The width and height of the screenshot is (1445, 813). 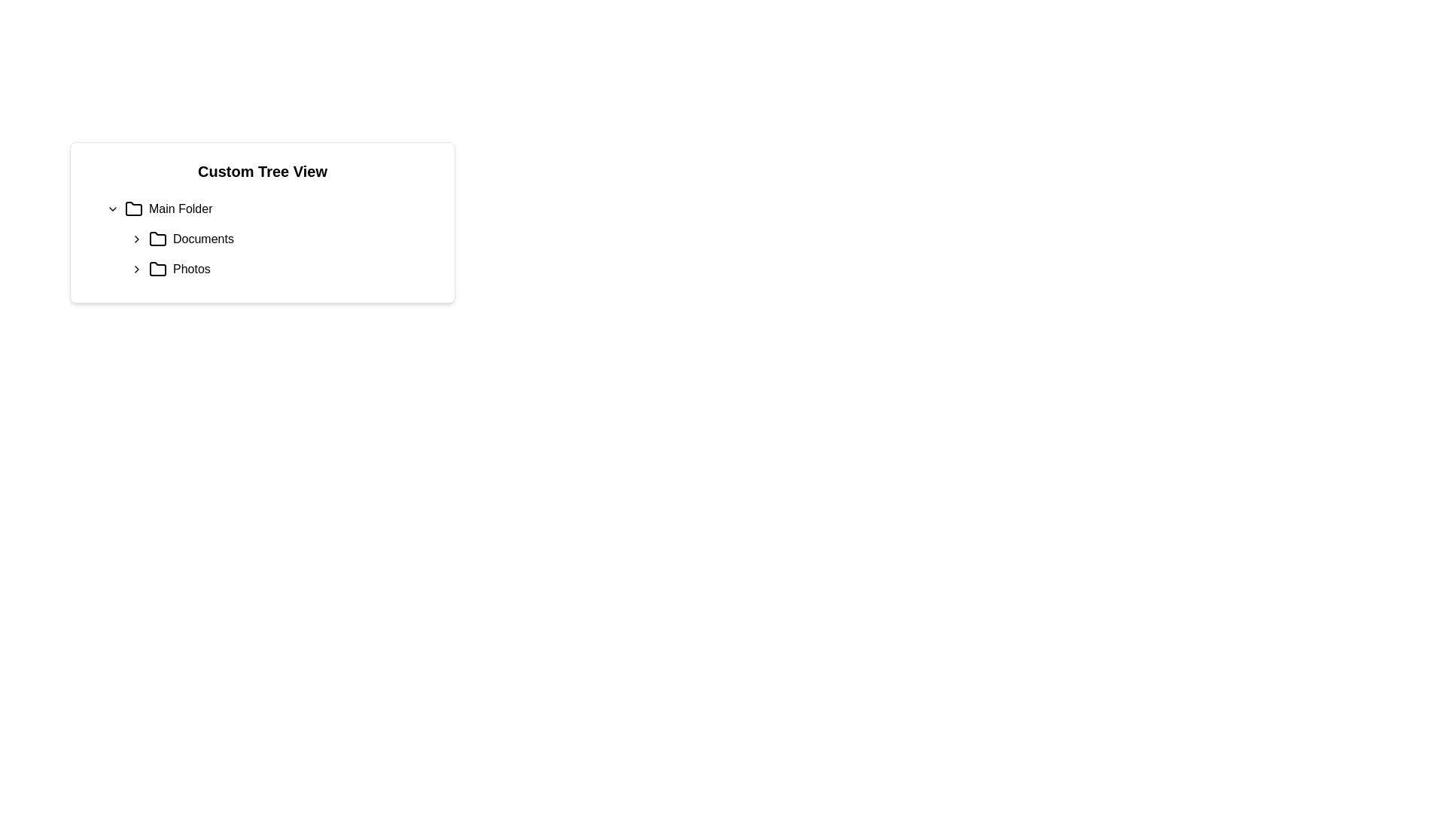 I want to click on the 'Documents' folder icon, which is the second item in a vertical list of file-related items, so click(x=158, y=238).